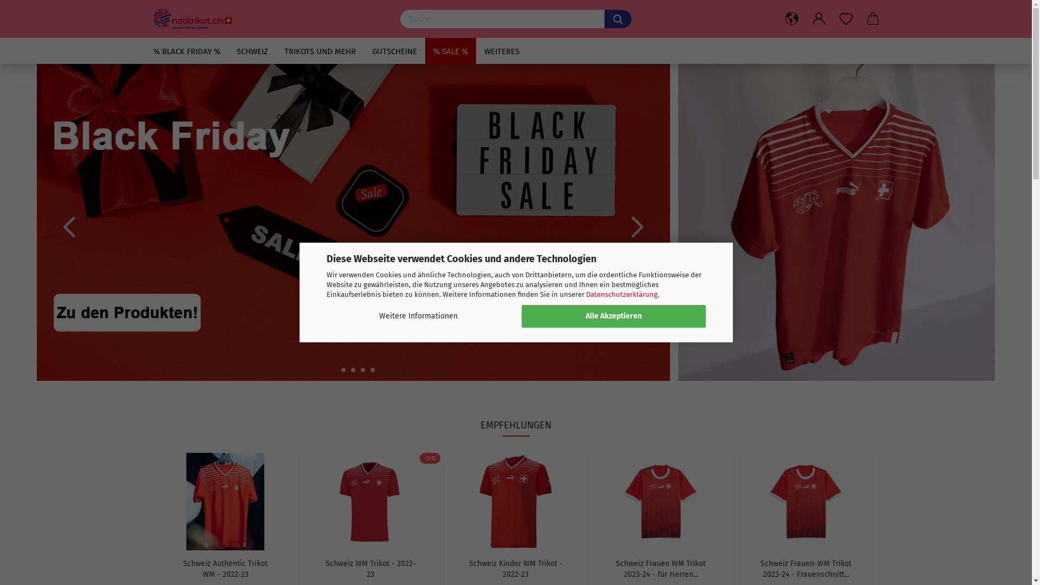 The width and height of the screenshot is (1040, 585). Describe the element at coordinates (251, 50) in the screenshot. I see `'SCHWEIZ'` at that location.